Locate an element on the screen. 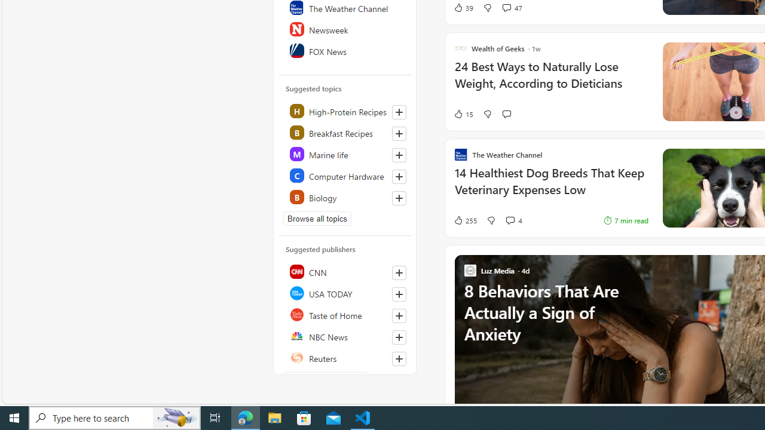  '14 Healthiest Dog Breeds That Keep Veterinary Expenses Low' is located at coordinates (550, 187).